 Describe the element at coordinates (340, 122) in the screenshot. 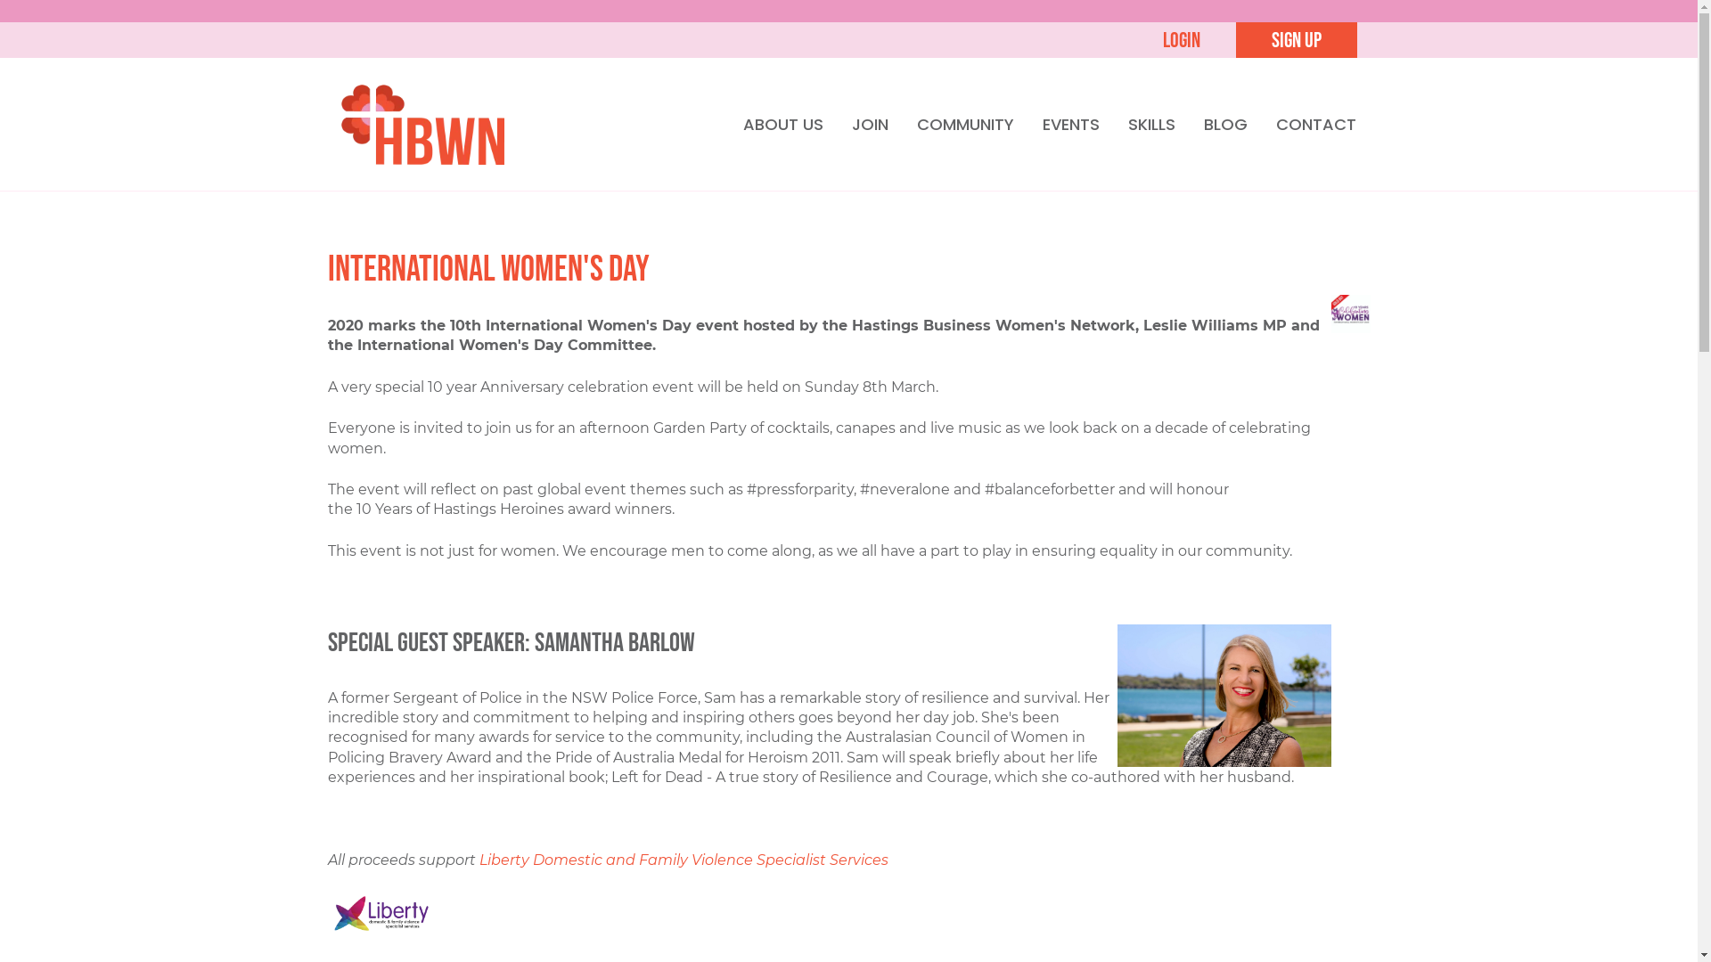

I see `'Hastings Business Womens Network'` at that location.